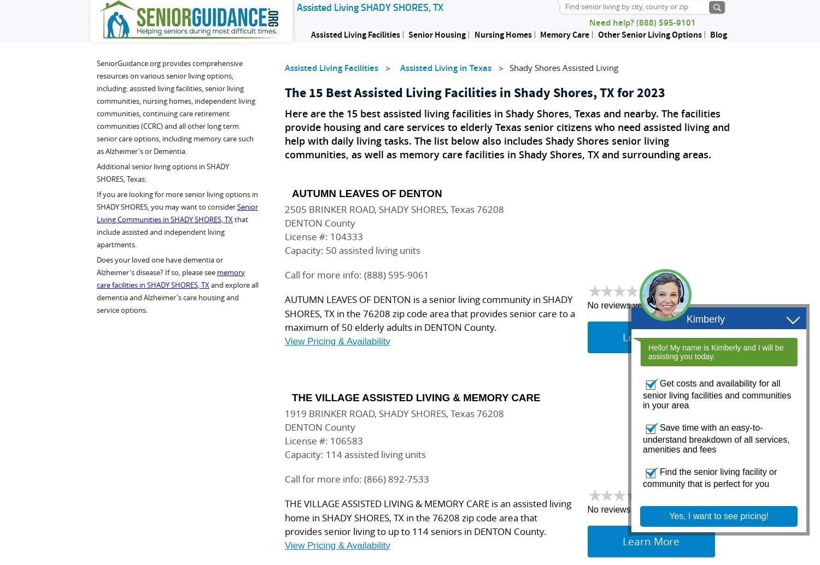 Image resolution: width=820 pixels, height=565 pixels. I want to click on 'Assisted Living SHADY SHORES, TX', so click(370, 7).